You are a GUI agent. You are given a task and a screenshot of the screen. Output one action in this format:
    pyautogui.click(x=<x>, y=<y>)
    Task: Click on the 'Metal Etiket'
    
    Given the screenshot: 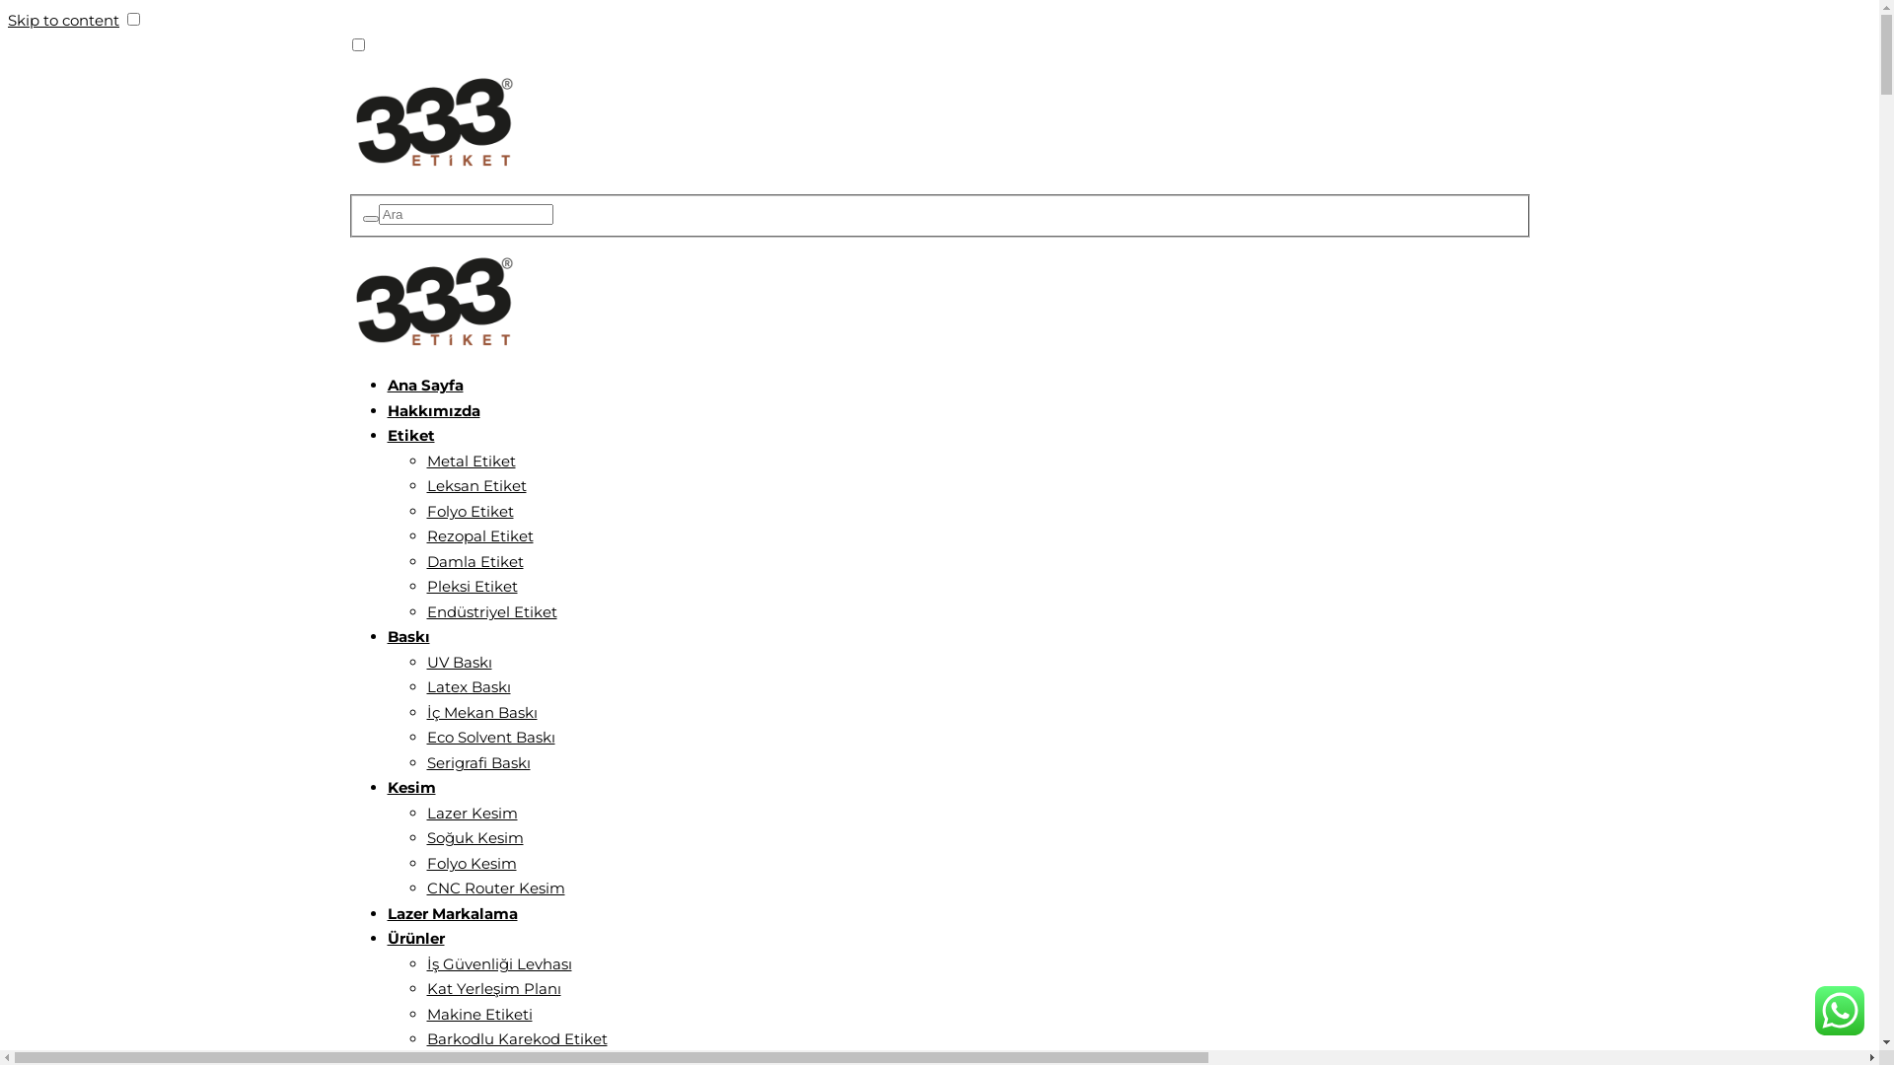 What is the action you would take?
    pyautogui.click(x=469, y=461)
    